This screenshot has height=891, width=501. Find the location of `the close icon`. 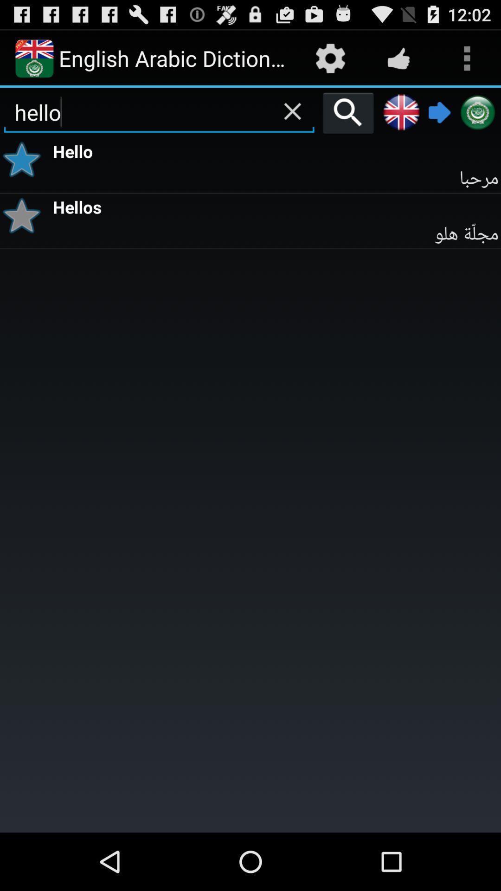

the close icon is located at coordinates (292, 118).